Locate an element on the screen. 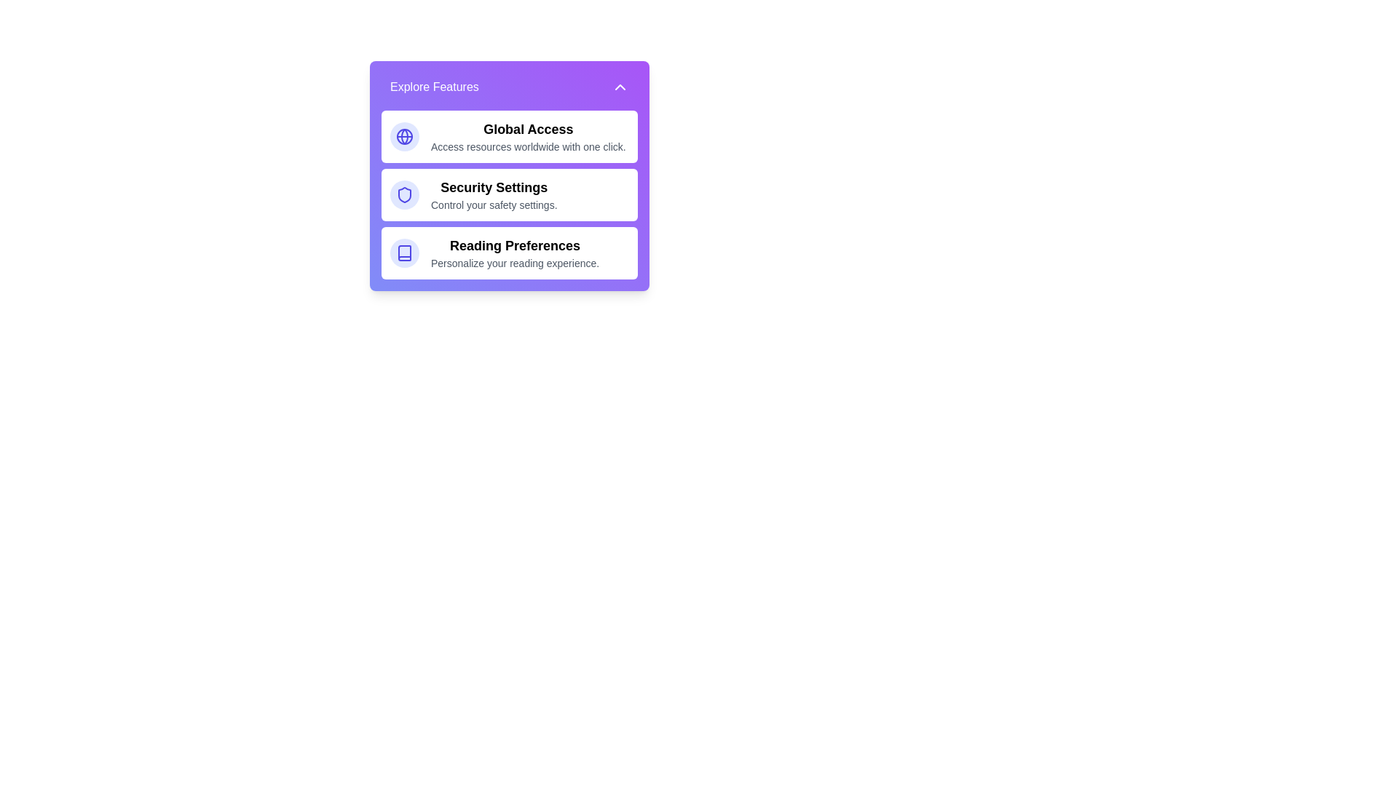  the shield-shaped icon representing security settings in the 'Explore Features' card interface is located at coordinates (405, 194).